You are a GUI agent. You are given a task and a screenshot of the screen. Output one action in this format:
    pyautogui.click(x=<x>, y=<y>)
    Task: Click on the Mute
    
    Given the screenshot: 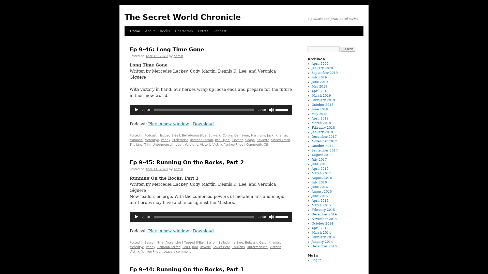 What is the action you would take?
    pyautogui.click(x=271, y=216)
    